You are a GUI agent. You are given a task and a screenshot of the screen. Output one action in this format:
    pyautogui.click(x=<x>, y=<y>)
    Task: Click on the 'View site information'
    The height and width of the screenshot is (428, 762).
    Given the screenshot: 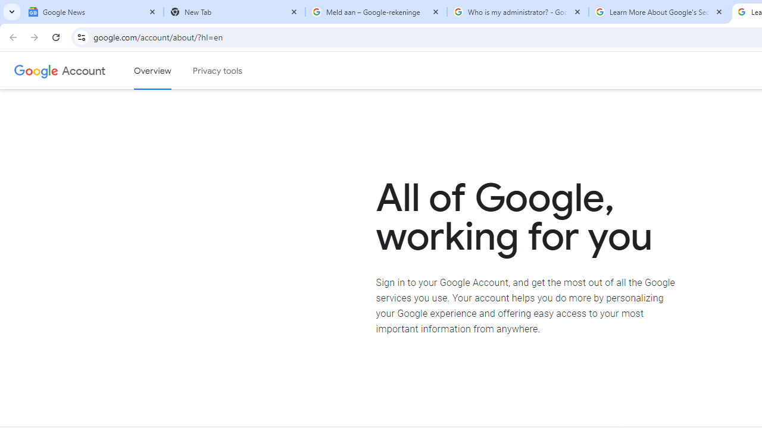 What is the action you would take?
    pyautogui.click(x=80, y=36)
    